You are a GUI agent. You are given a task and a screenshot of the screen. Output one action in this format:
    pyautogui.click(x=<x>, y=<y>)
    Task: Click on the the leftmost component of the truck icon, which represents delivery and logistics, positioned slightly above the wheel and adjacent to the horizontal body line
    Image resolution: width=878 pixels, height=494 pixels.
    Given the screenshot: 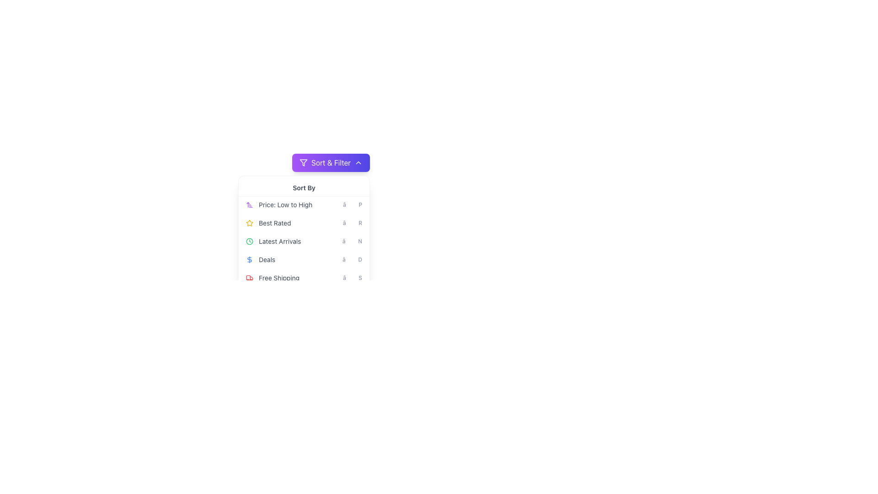 What is the action you would take?
    pyautogui.click(x=248, y=277)
    